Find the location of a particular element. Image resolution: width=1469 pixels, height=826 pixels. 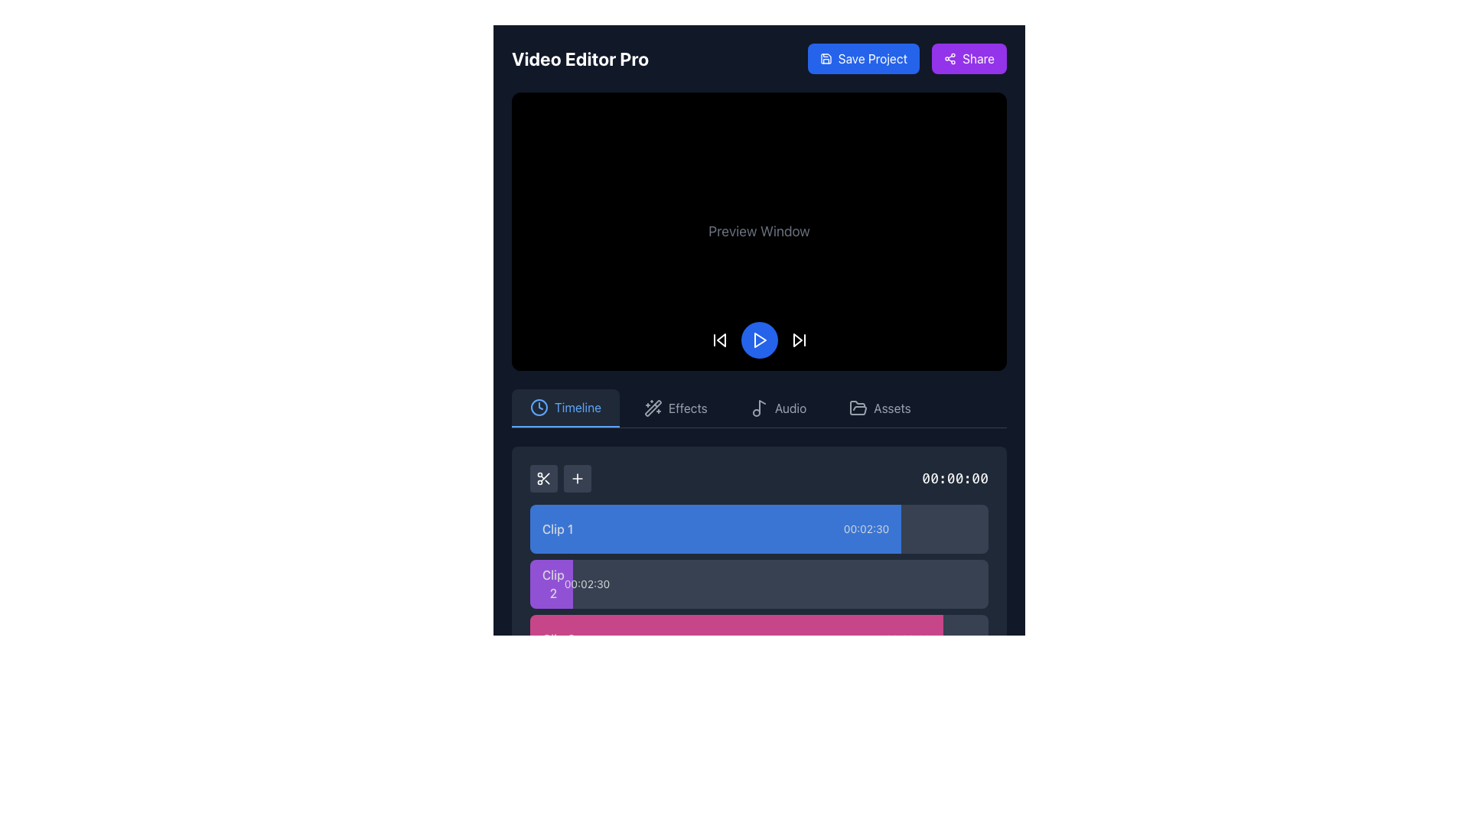

the 'Assets' header button which contains the open folder icon located at the far left of the button is located at coordinates (858, 407).